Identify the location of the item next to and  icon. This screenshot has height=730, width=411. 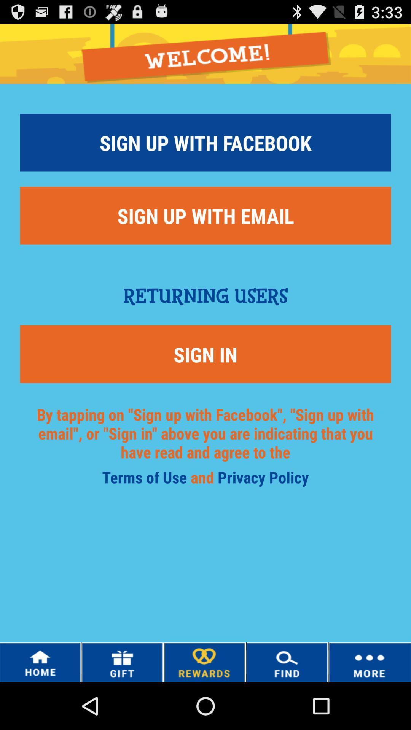
(263, 479).